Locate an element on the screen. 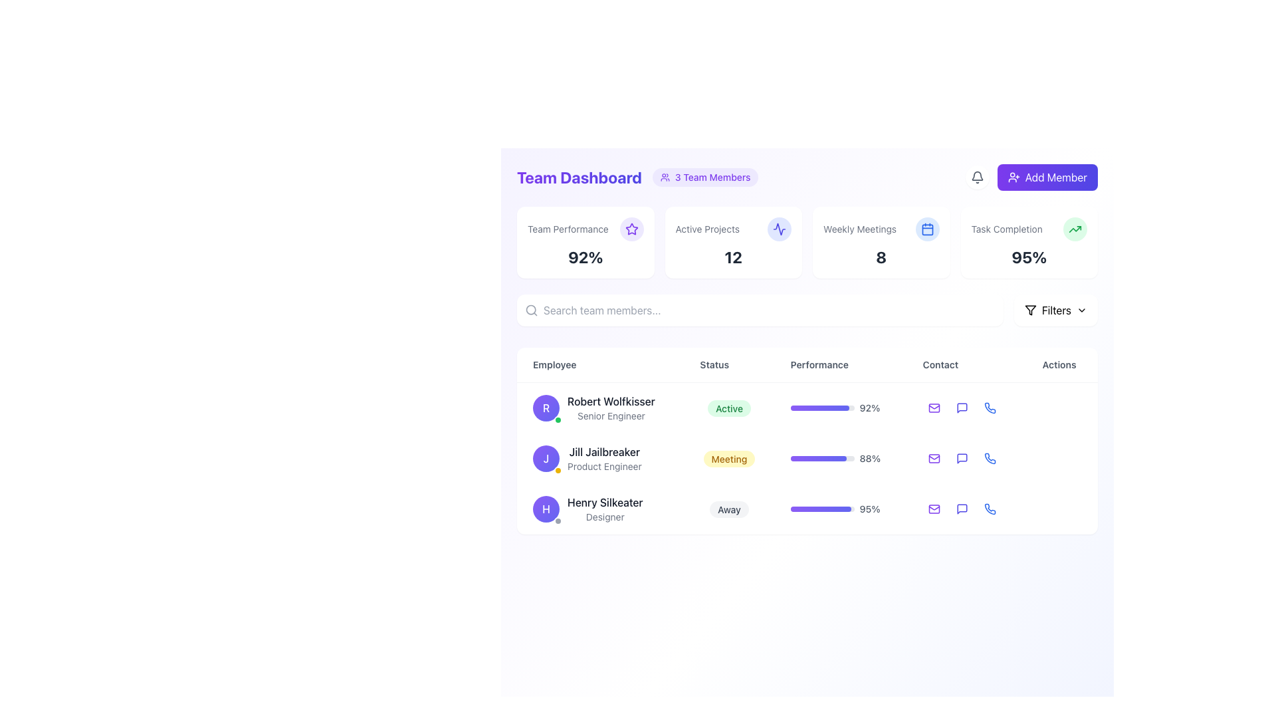  employee details displayed in the Text block for Henry Silkeater, located in the third row of the Employee column in the table is located at coordinates (599, 509).